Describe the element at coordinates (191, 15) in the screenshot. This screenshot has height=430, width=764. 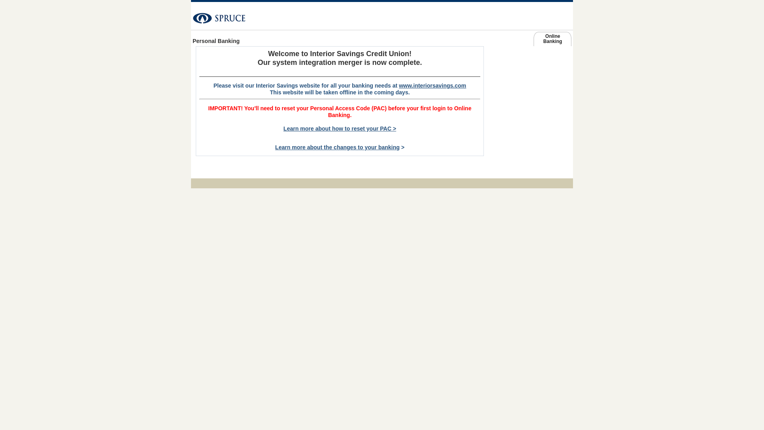
I see `'Home'` at that location.